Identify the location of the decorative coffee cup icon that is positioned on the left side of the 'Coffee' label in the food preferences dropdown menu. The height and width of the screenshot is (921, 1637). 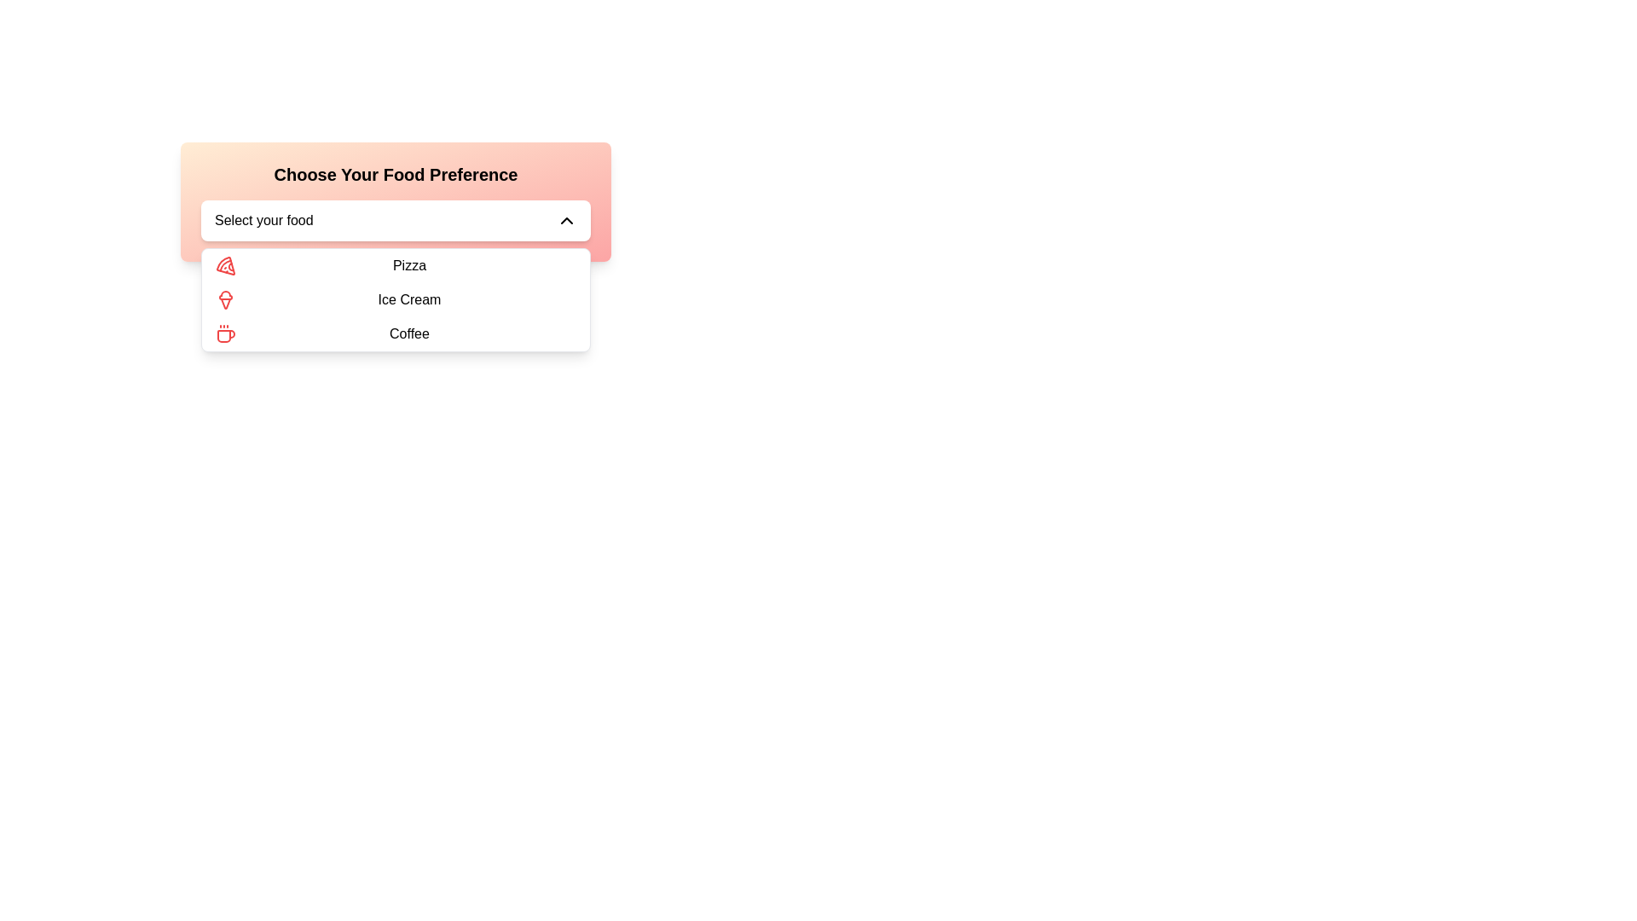
(224, 334).